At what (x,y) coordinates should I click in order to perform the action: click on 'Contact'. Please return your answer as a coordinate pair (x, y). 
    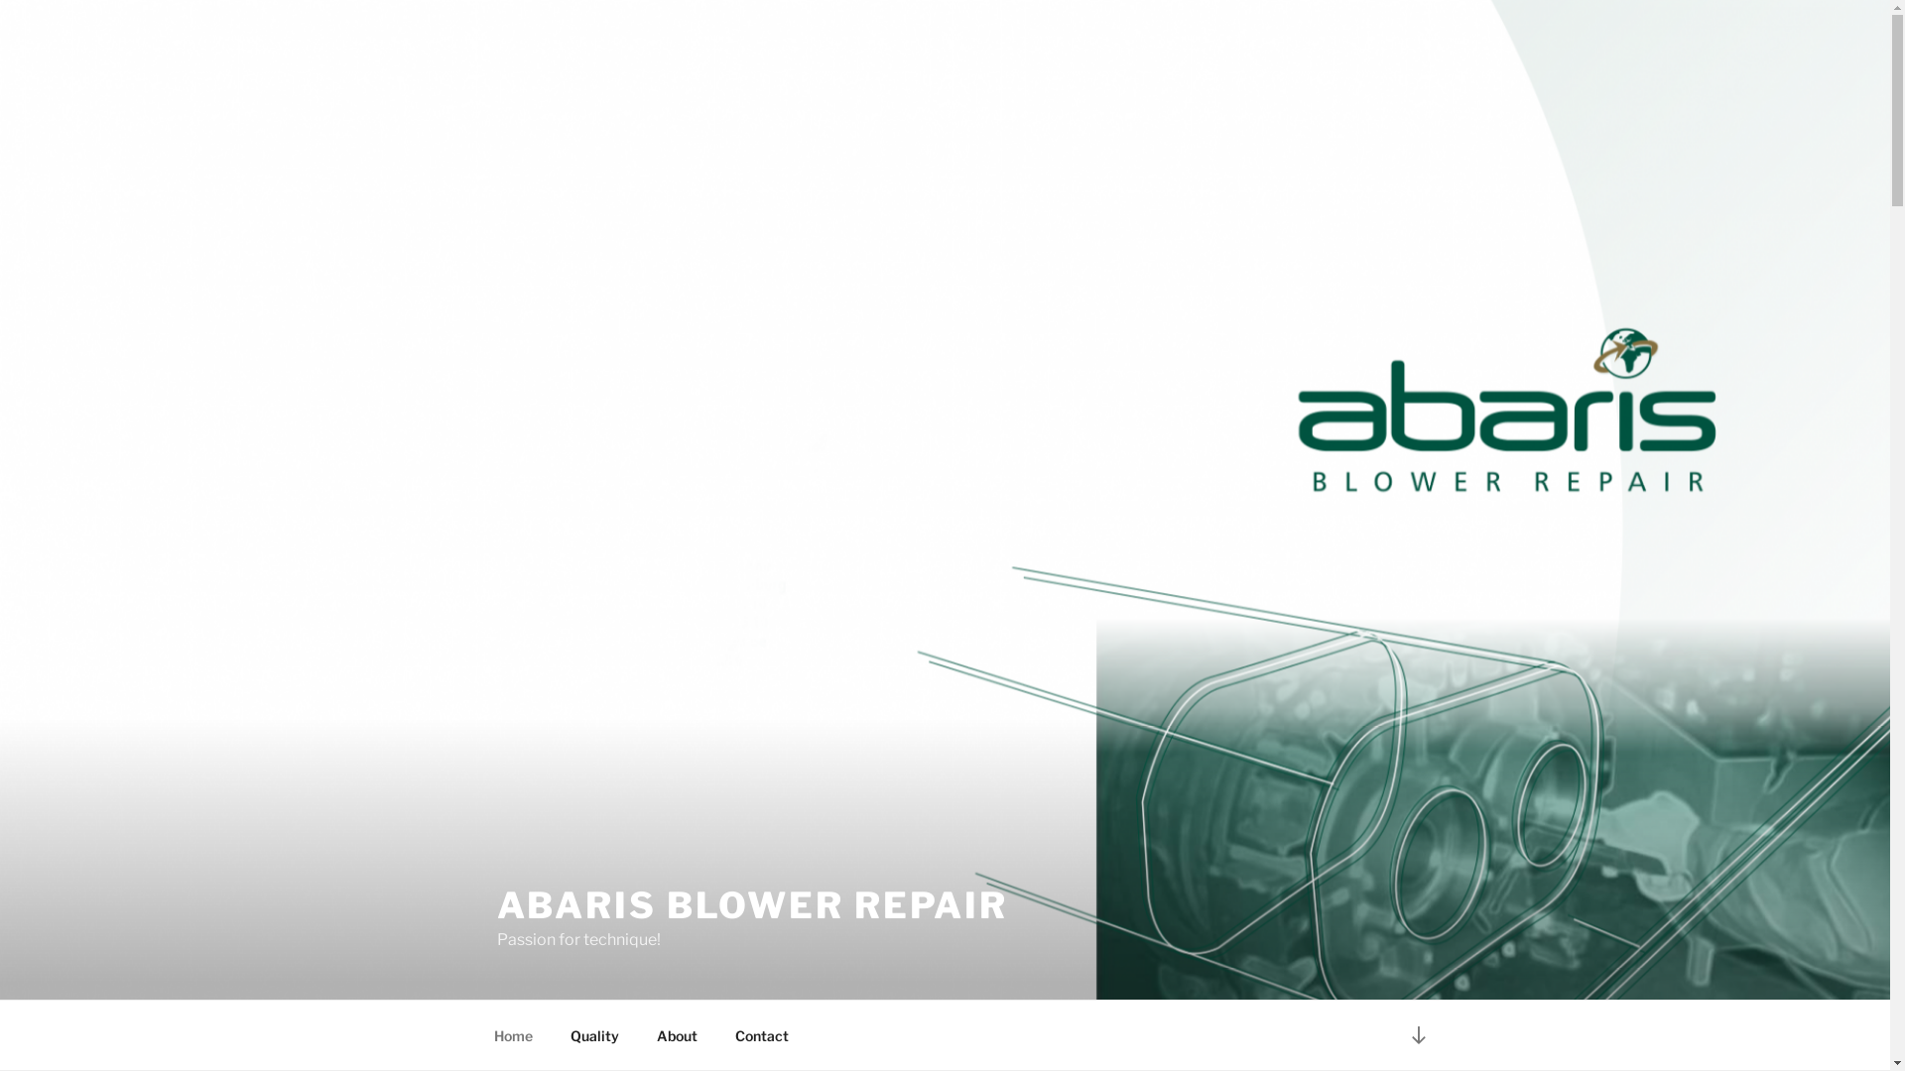
    Looking at the image, I should click on (761, 1034).